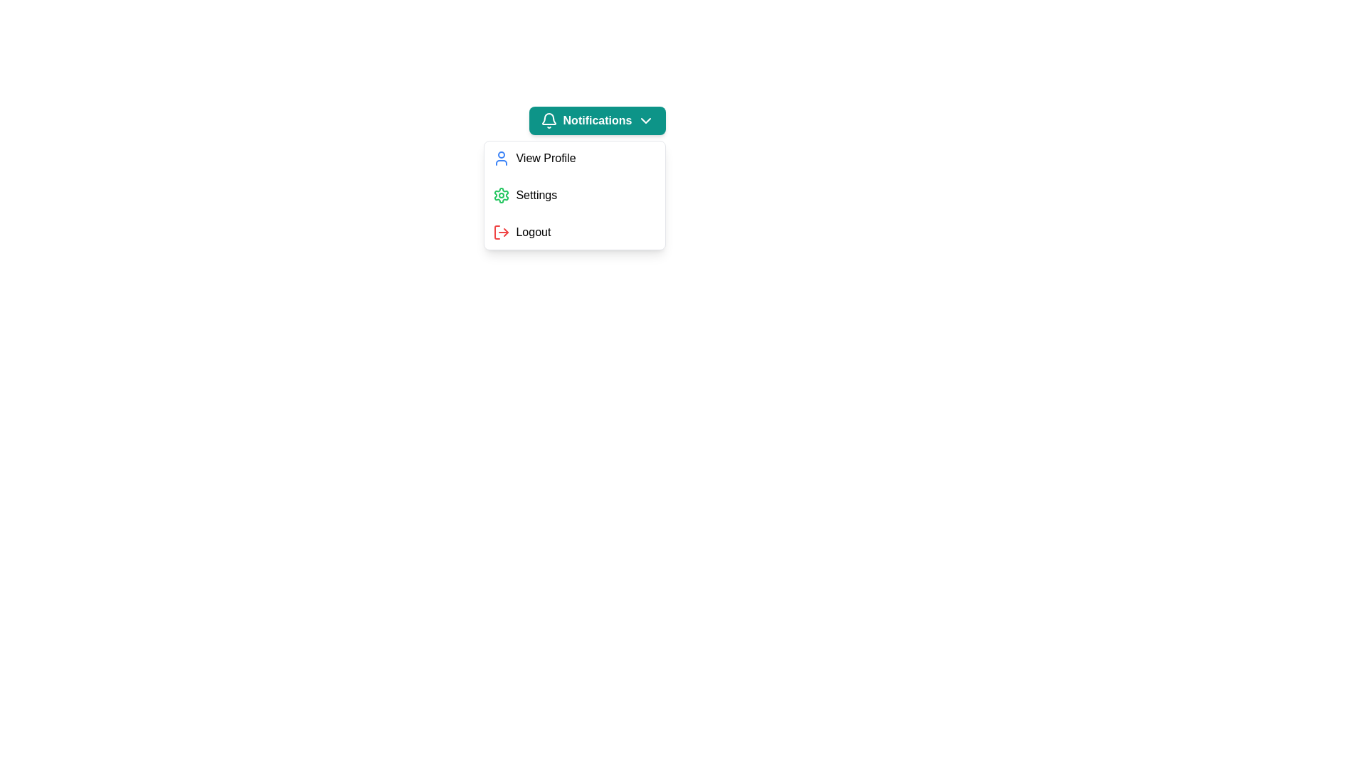  I want to click on the menu item Notifications to inspect it, so click(597, 119).